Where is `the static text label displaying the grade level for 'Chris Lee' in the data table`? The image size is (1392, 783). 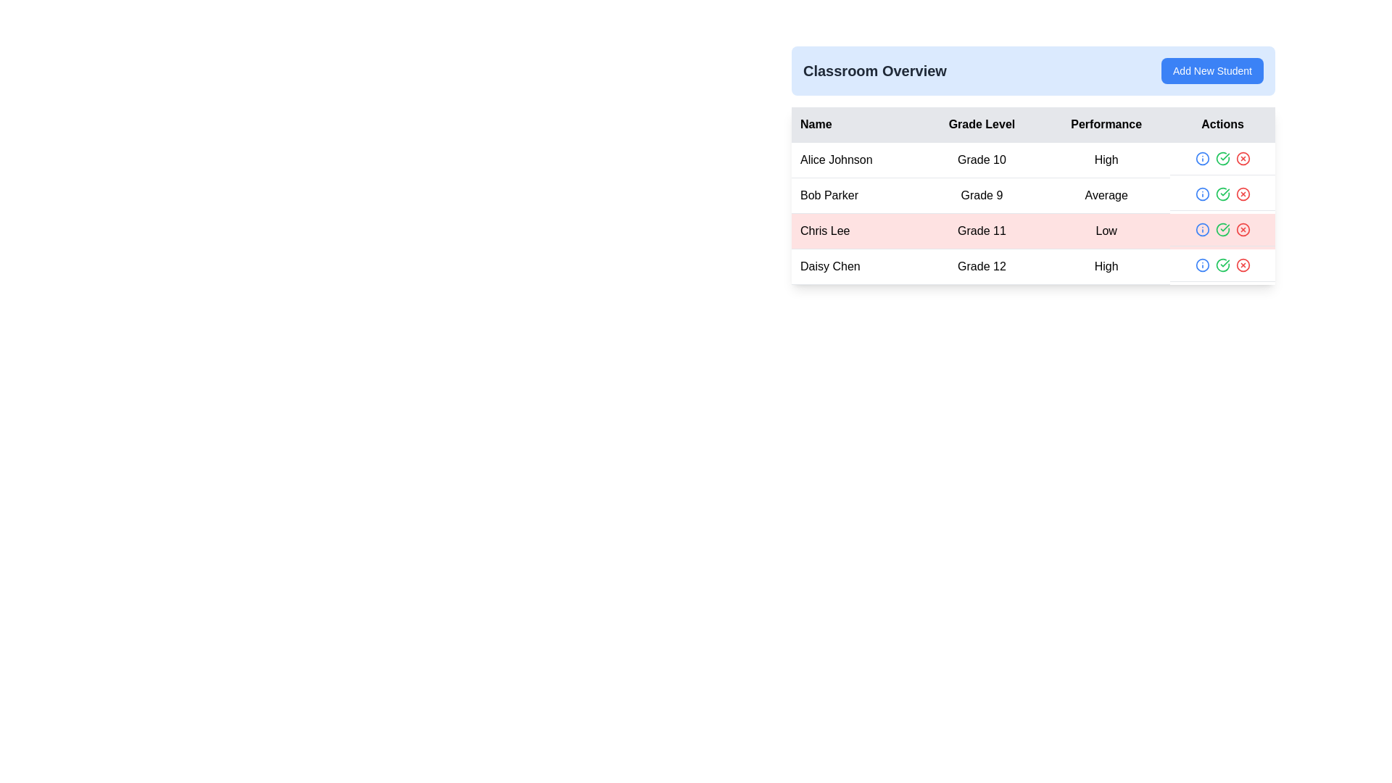 the static text label displaying the grade level for 'Chris Lee' in the data table is located at coordinates (982, 231).